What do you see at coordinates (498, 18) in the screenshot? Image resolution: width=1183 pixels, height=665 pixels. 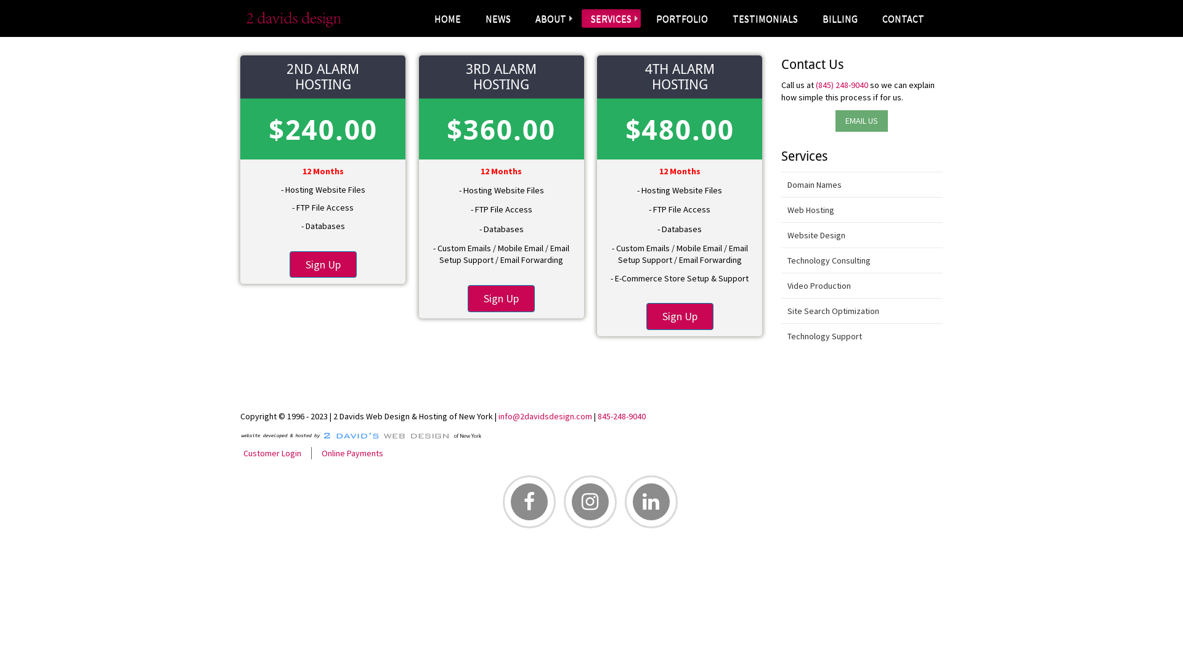 I see `'NEWS'` at bounding box center [498, 18].